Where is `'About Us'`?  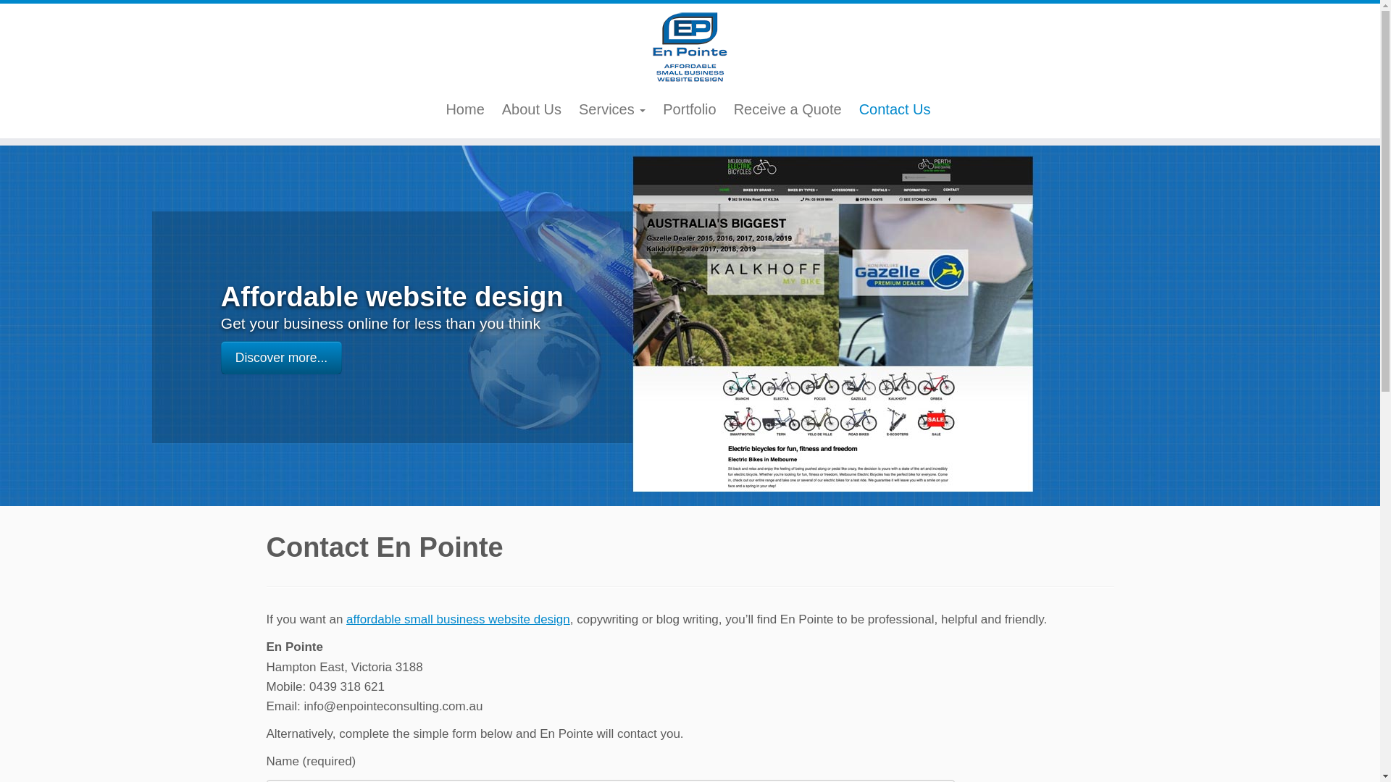
'About Us' is located at coordinates (531, 108).